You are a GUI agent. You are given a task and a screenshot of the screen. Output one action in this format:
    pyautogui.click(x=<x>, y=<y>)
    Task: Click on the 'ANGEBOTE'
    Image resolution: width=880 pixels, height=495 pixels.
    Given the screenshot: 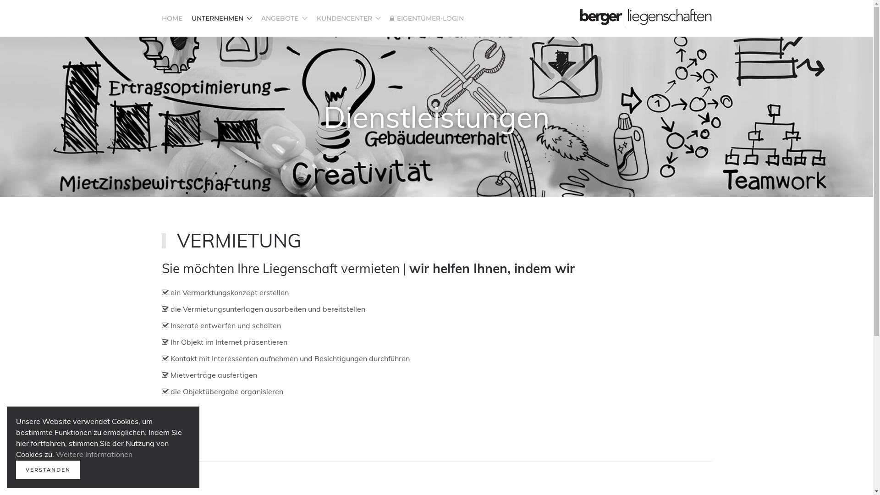 What is the action you would take?
    pyautogui.click(x=261, y=18)
    